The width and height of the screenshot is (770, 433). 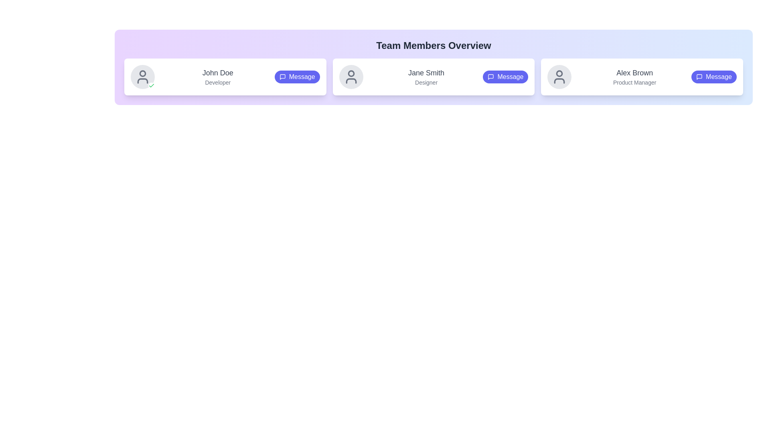 What do you see at coordinates (634, 82) in the screenshot?
I see `the text label displaying 'Product Manager' that is styled in a small gray font and positioned directly below 'Alex Brown'` at bounding box center [634, 82].